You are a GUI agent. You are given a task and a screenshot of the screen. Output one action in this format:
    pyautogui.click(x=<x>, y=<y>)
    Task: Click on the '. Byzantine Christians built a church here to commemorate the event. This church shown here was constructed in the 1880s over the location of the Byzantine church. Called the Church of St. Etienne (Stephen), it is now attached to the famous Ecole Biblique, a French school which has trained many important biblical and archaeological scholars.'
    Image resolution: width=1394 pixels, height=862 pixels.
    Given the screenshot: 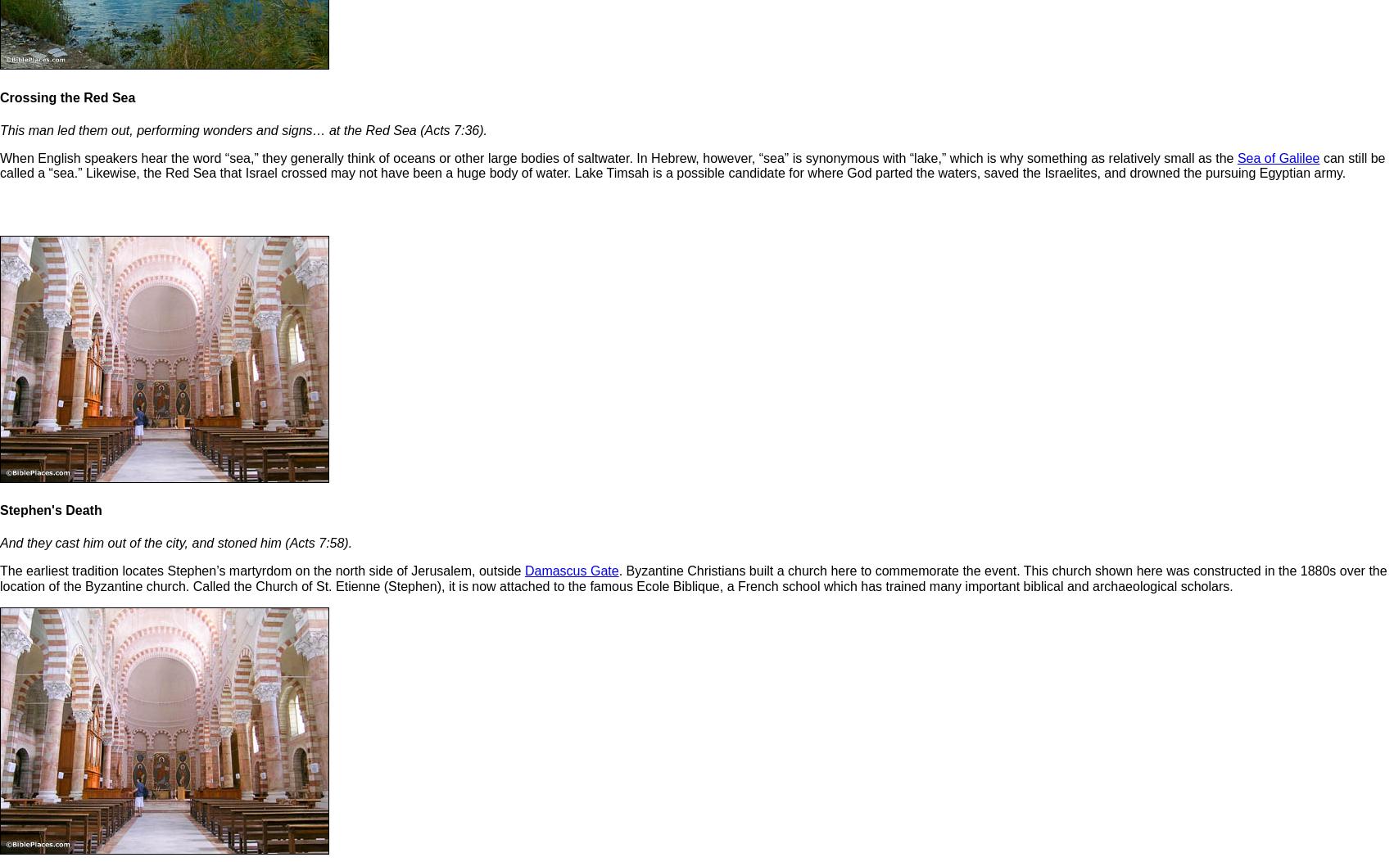 What is the action you would take?
    pyautogui.click(x=692, y=578)
    